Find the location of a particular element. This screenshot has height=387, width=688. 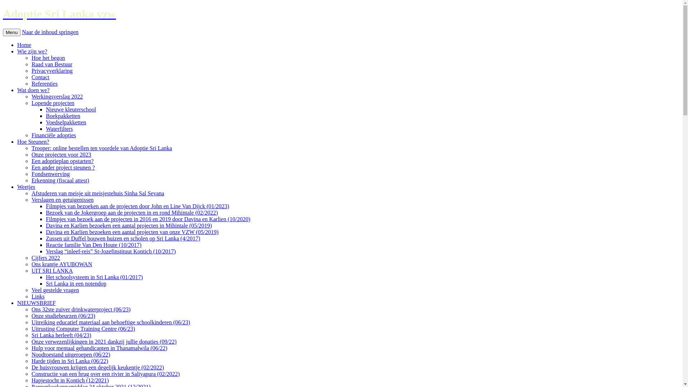

'Fondsenwerving' is located at coordinates (50, 174).